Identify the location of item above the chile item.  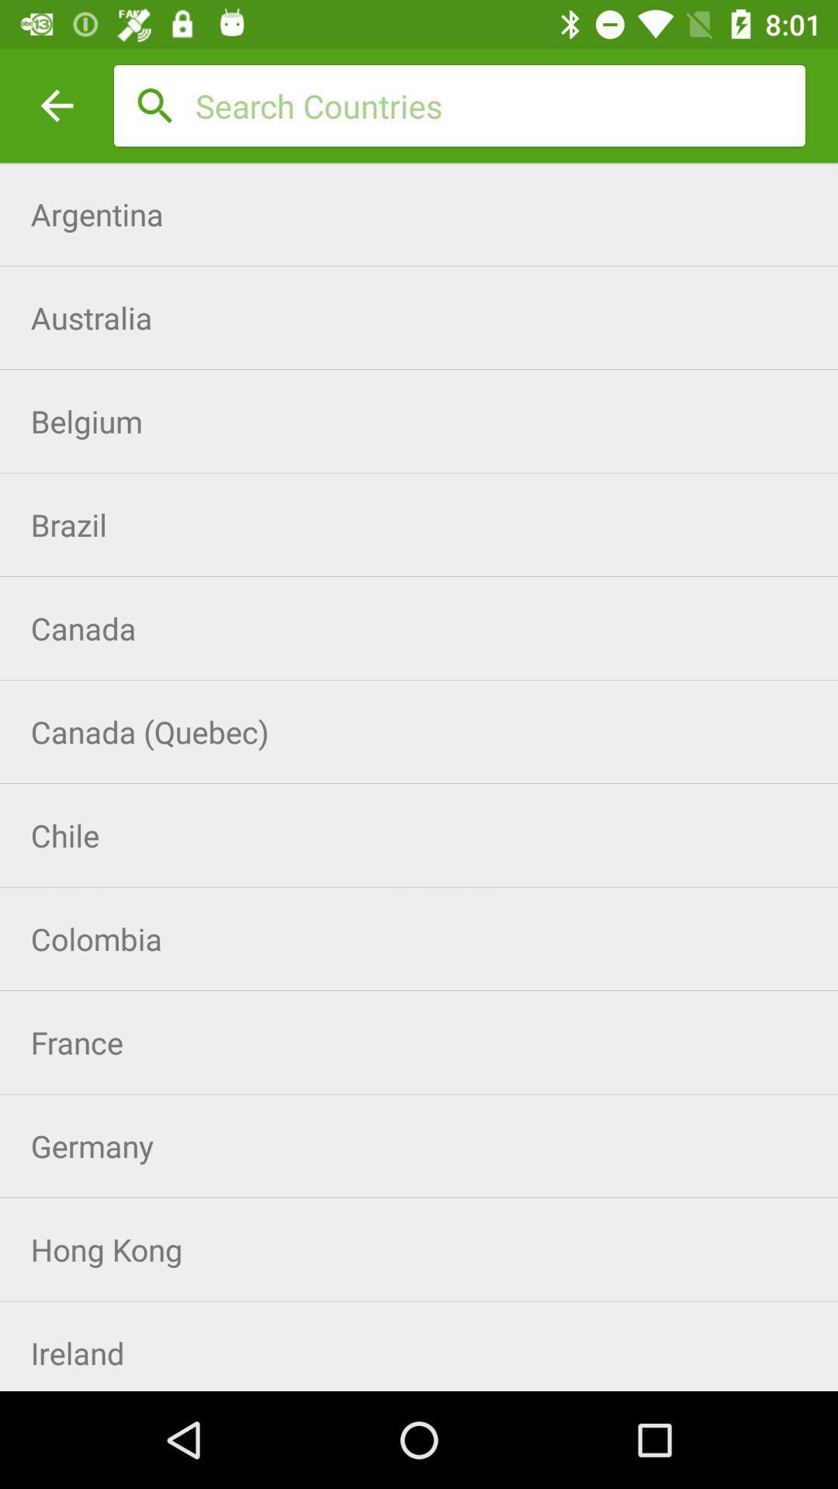
(419, 731).